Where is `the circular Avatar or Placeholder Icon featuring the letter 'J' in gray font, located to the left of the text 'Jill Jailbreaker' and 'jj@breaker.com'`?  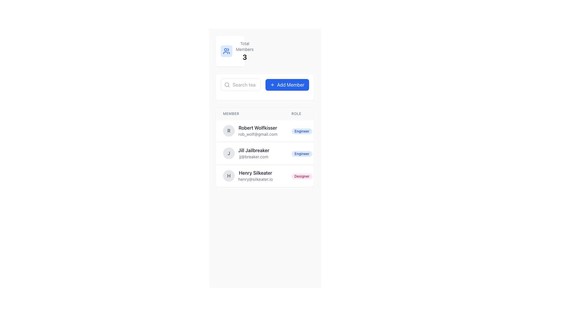
the circular Avatar or Placeholder Icon featuring the letter 'J' in gray font, located to the left of the text 'Jill Jailbreaker' and 'jj@breaker.com' is located at coordinates (229, 153).